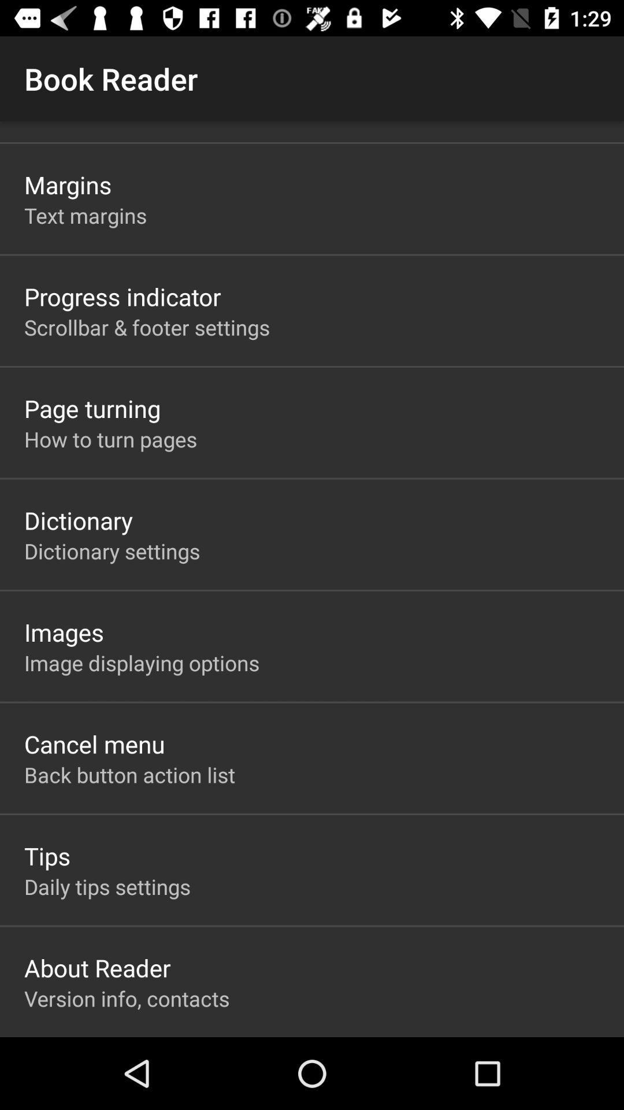 The image size is (624, 1110). I want to click on the item above the back button action item, so click(94, 743).